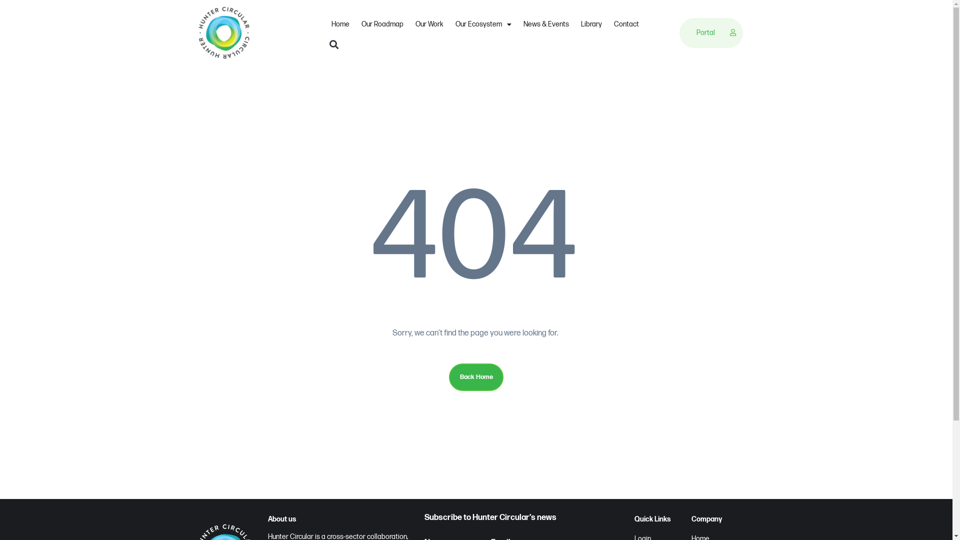 This screenshot has width=960, height=540. I want to click on 'Home', so click(340, 24).